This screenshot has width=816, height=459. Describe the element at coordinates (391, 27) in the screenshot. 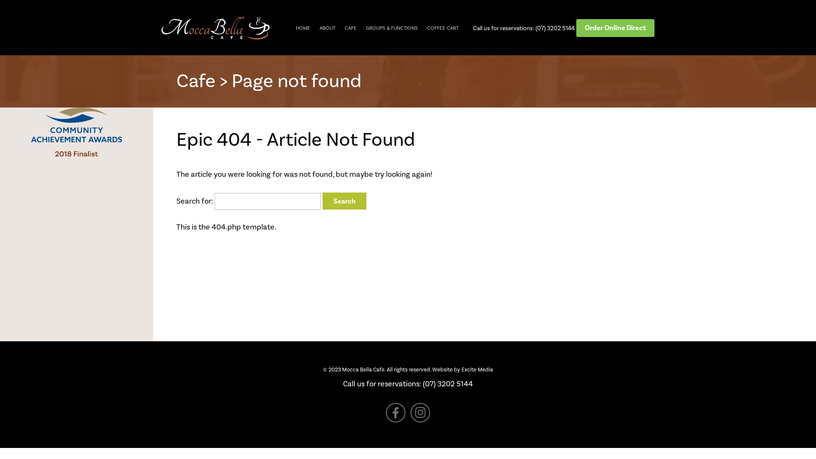

I see `'GROUPS & FUNCTIONS'` at that location.